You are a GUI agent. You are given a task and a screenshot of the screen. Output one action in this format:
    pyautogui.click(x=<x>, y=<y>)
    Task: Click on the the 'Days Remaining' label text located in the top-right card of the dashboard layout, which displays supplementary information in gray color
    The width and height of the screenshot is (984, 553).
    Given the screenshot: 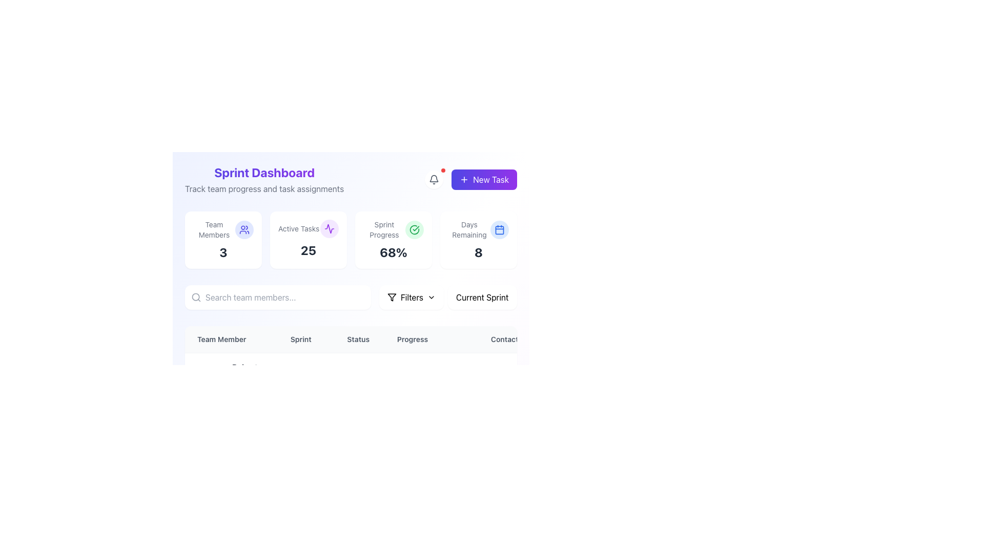 What is the action you would take?
    pyautogui.click(x=469, y=229)
    